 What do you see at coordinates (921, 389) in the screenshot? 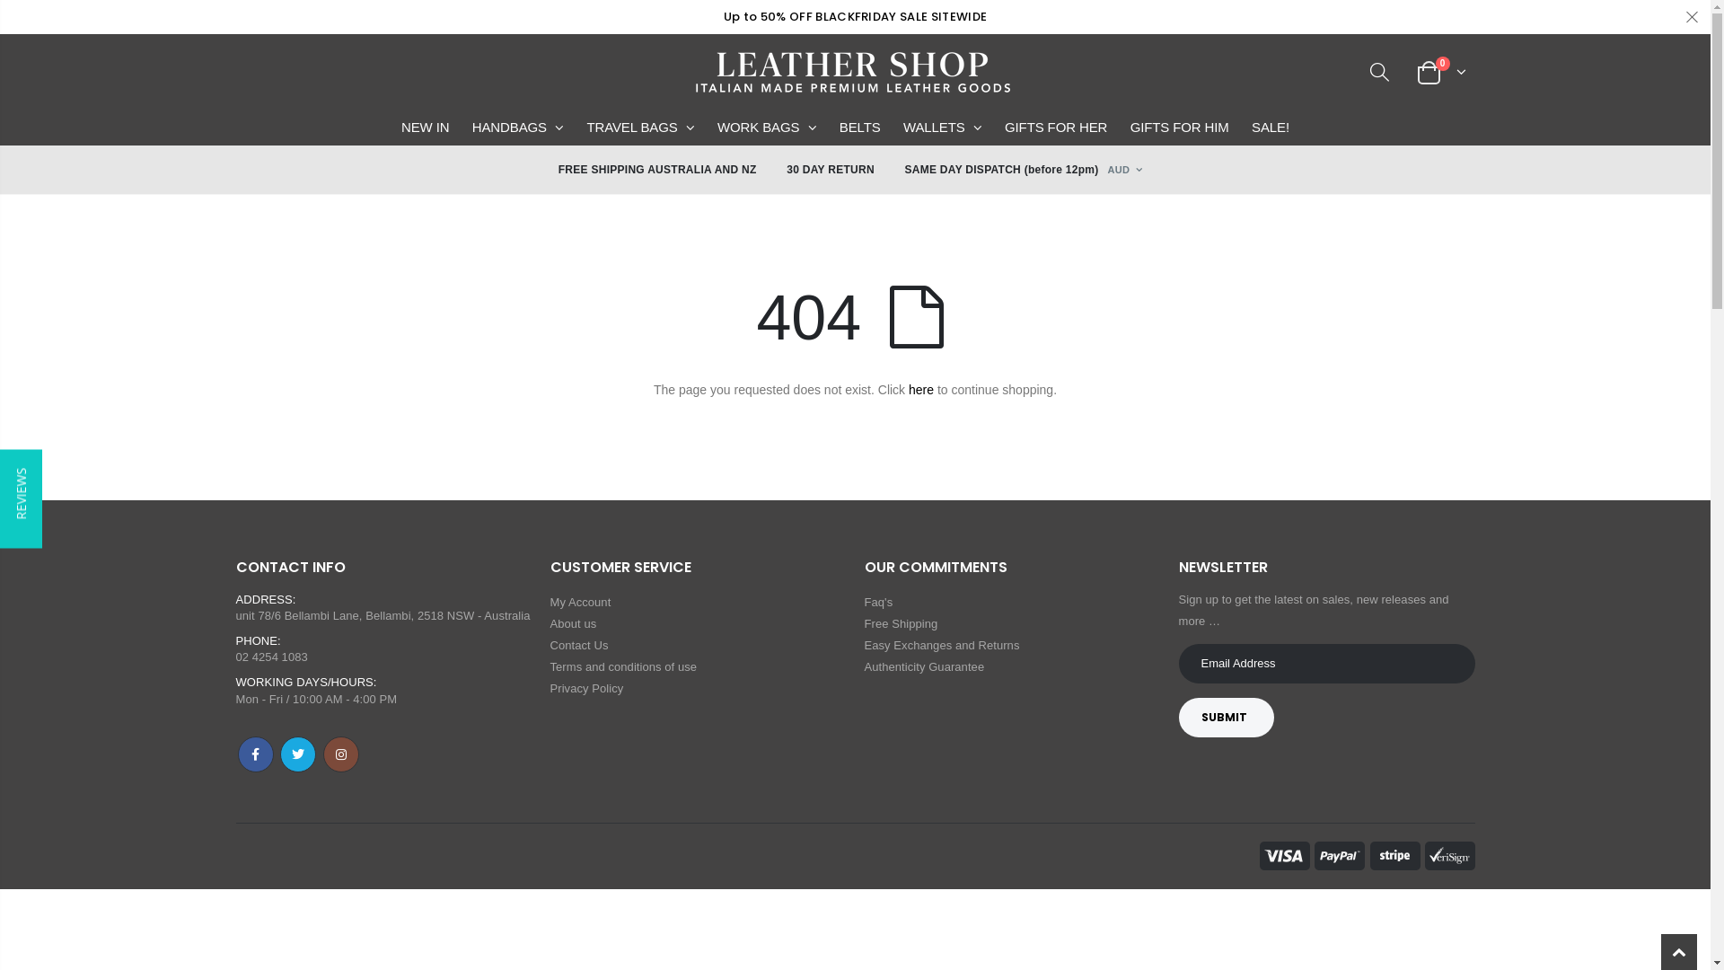
I see `'here'` at bounding box center [921, 389].